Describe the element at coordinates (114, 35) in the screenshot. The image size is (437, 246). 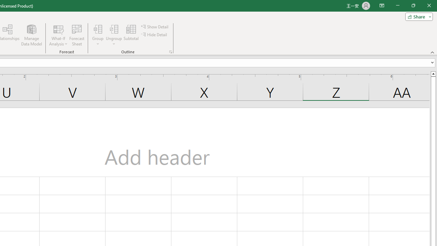
I see `'Ungroup...'` at that location.